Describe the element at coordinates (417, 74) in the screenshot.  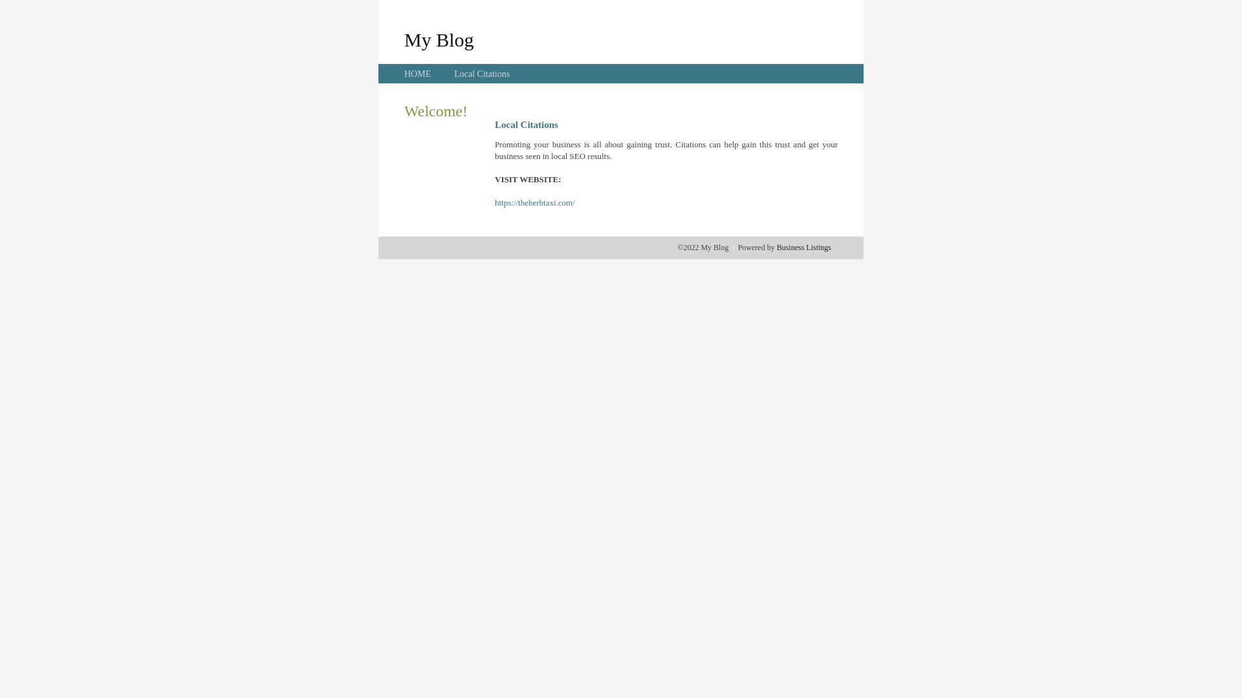
I see `'HOME'` at that location.